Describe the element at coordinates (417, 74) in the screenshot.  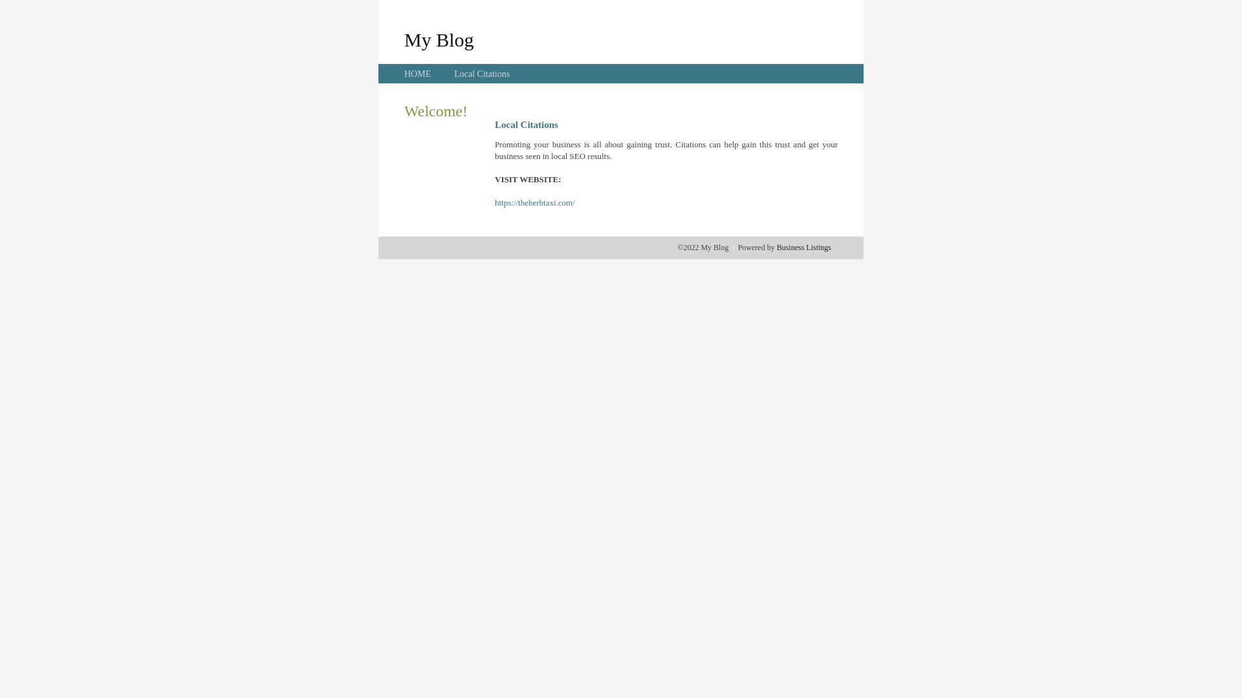
I see `'HOME'` at that location.